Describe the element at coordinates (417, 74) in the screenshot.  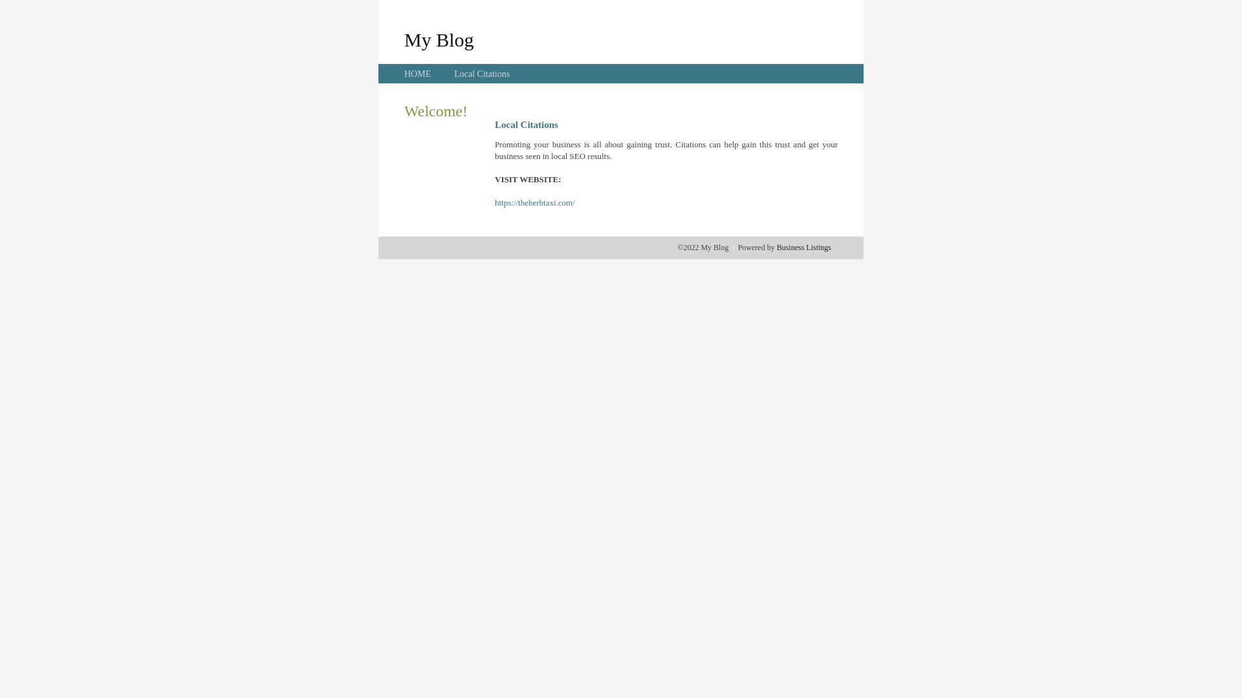
I see `'HOME'` at that location.